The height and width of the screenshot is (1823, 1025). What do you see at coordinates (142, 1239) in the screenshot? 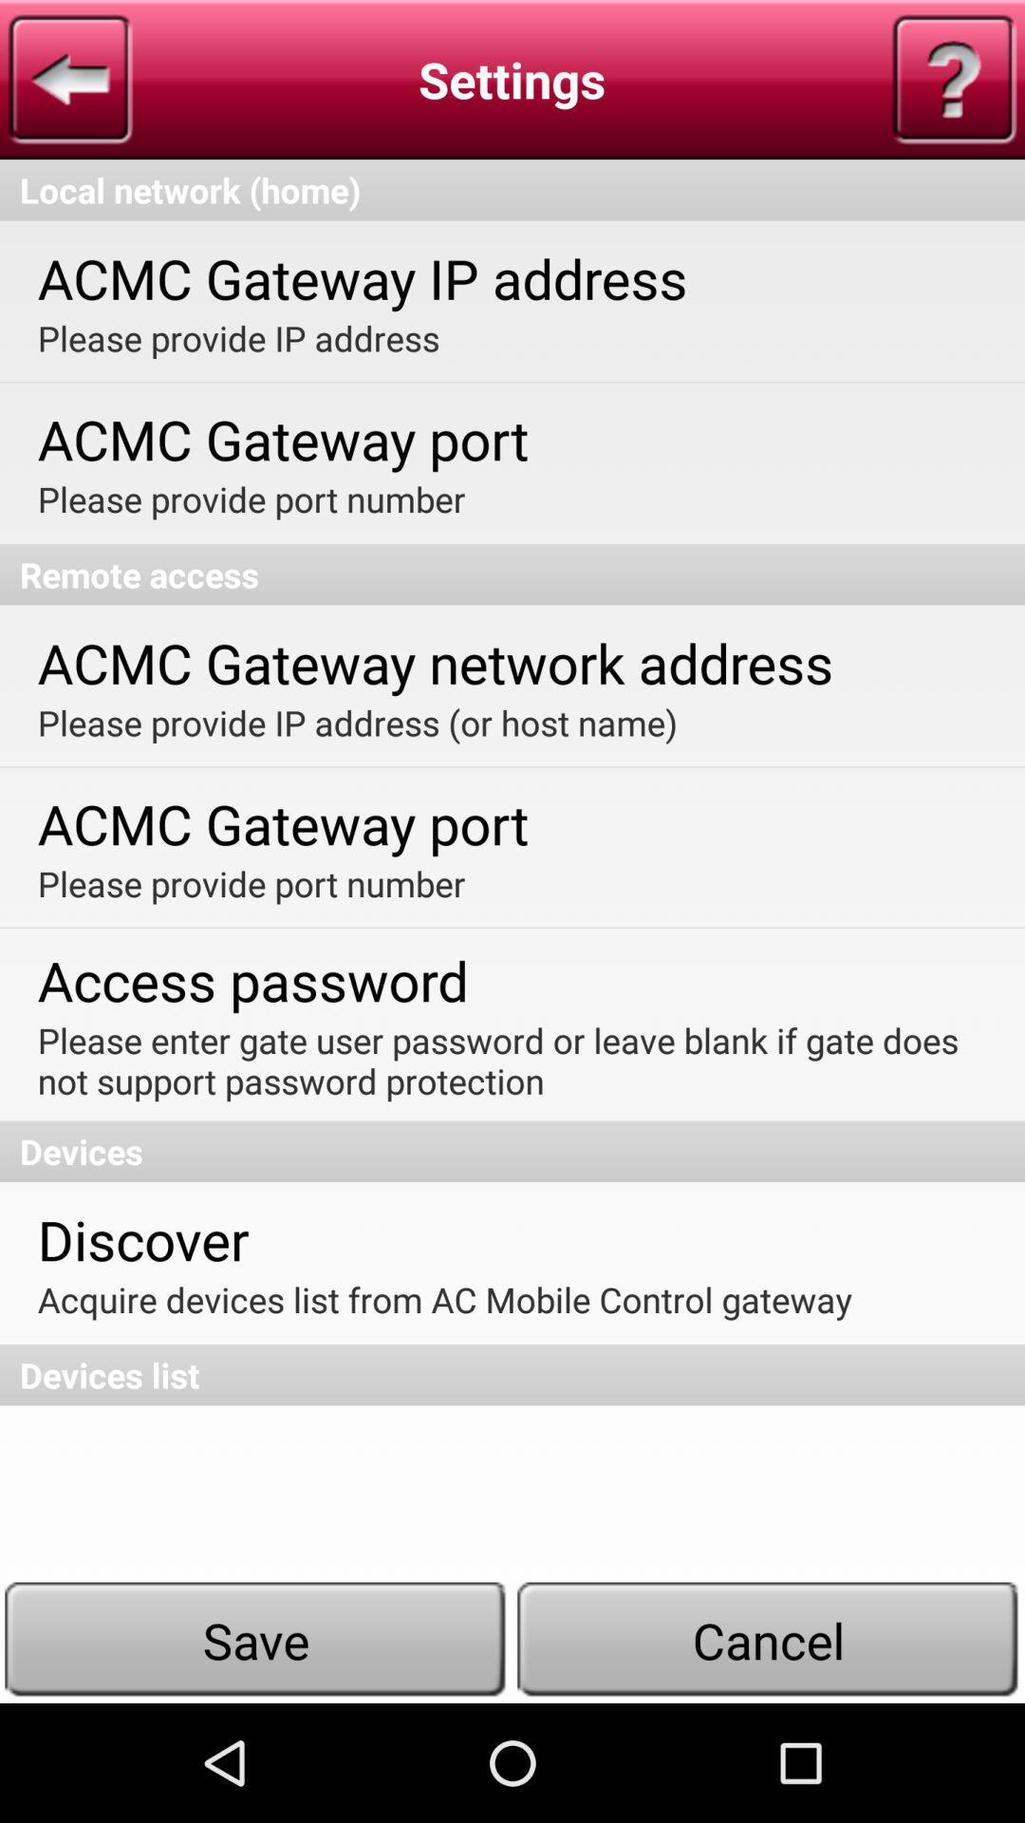
I see `the app below the devices item` at bounding box center [142, 1239].